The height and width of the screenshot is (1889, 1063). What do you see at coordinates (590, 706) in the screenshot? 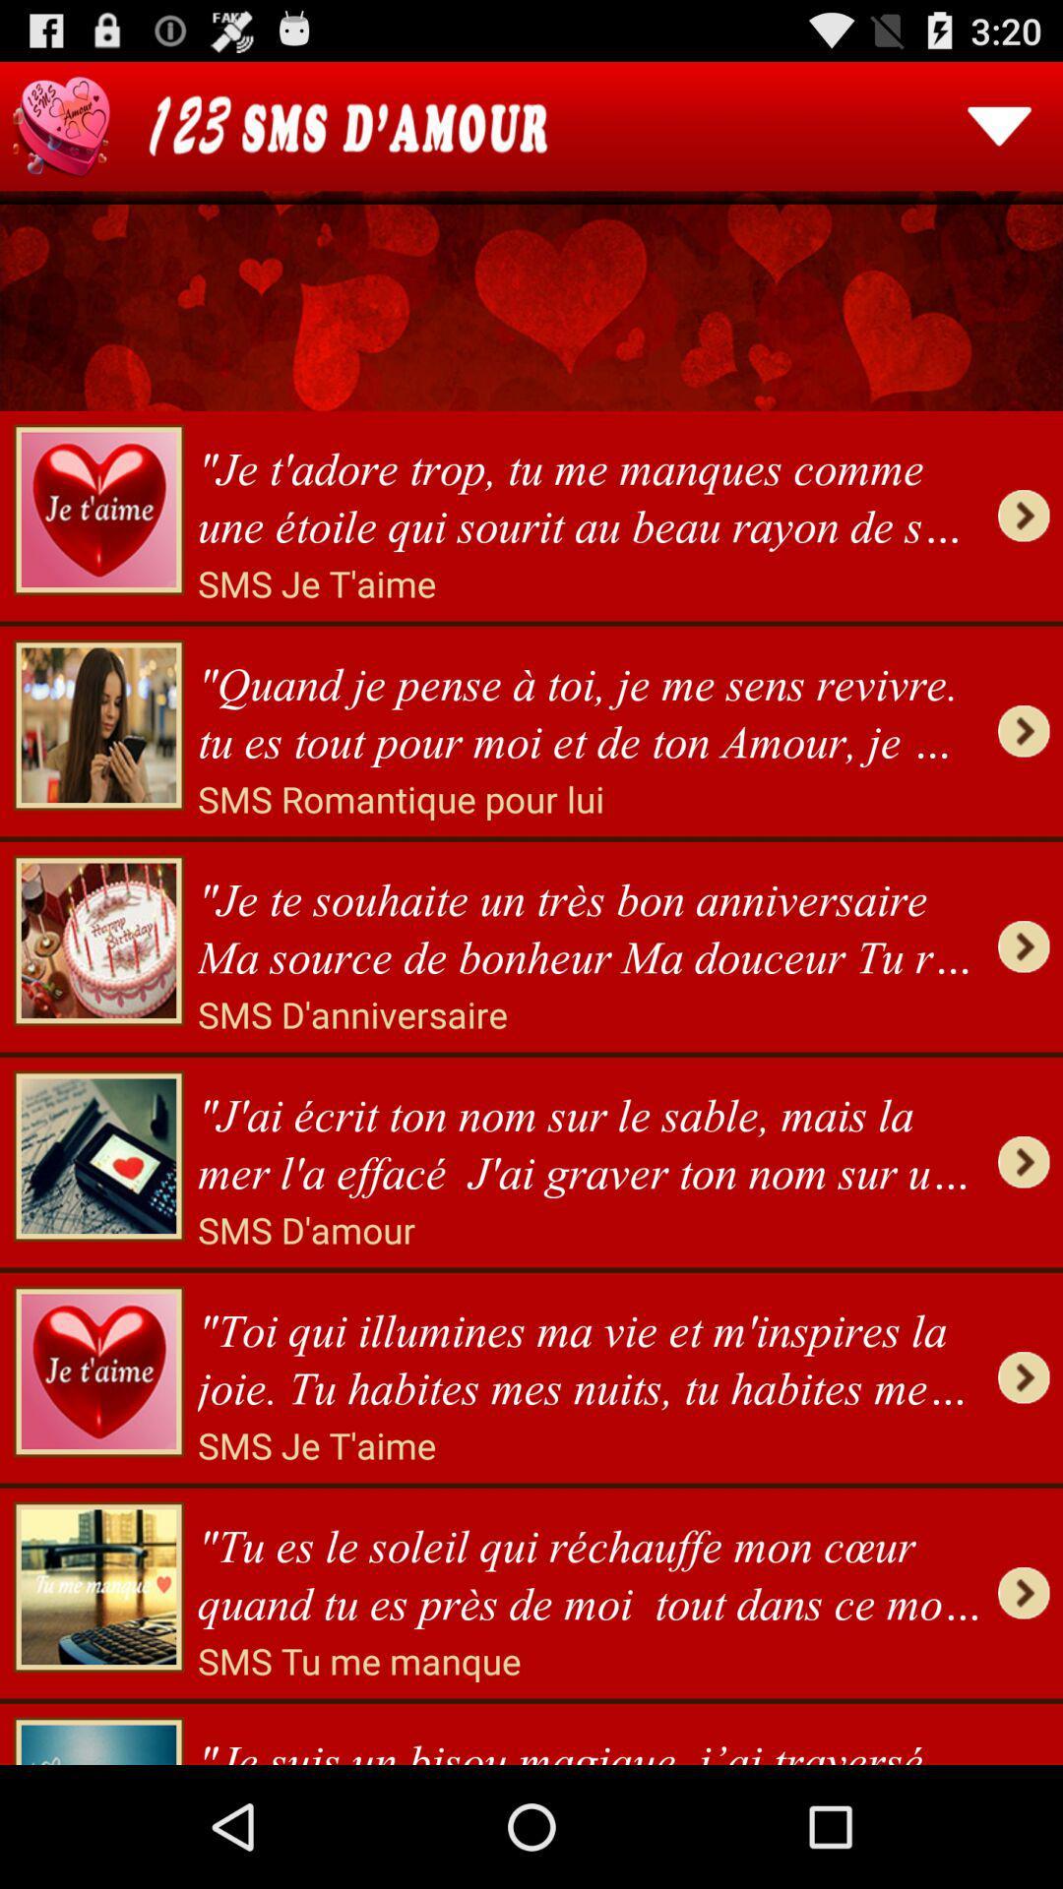
I see `app above sms romantique pour` at bounding box center [590, 706].